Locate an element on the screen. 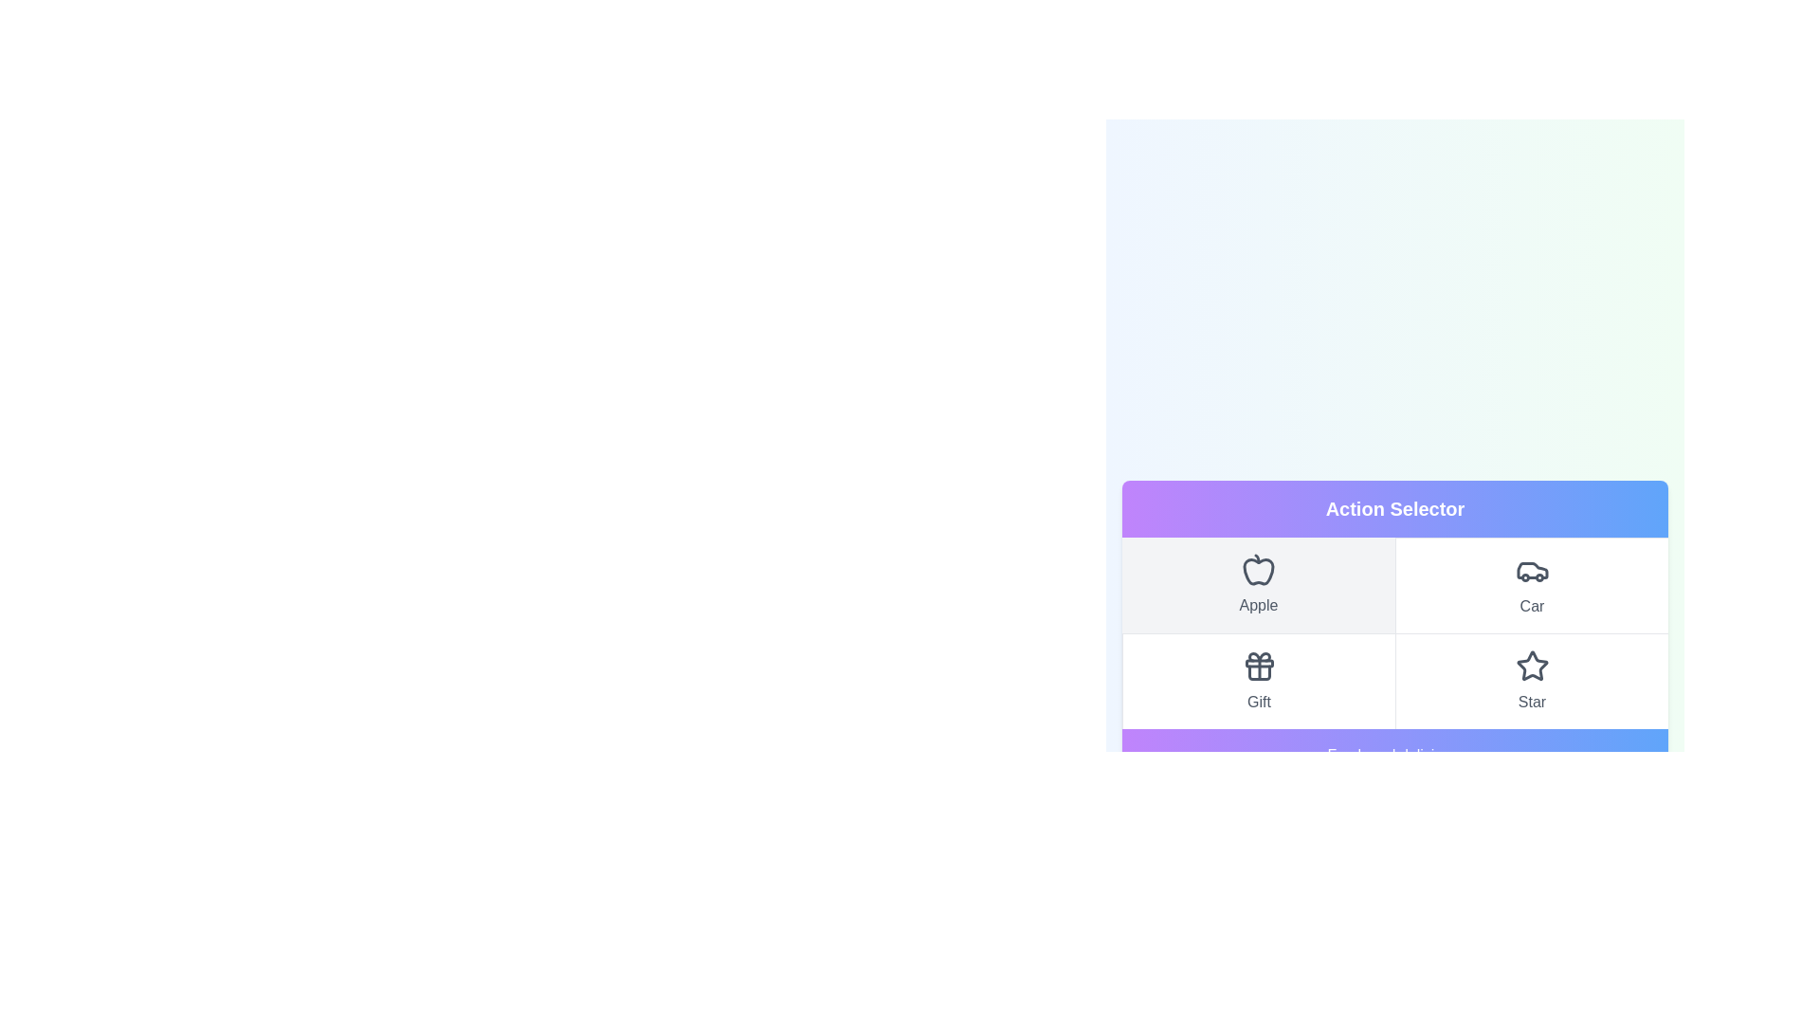 Image resolution: width=1820 pixels, height=1024 pixels. the star-shaped icon located at the bottom-right corner of the 'Action Selector' grid layout, above the text label 'Star' is located at coordinates (1532, 665).